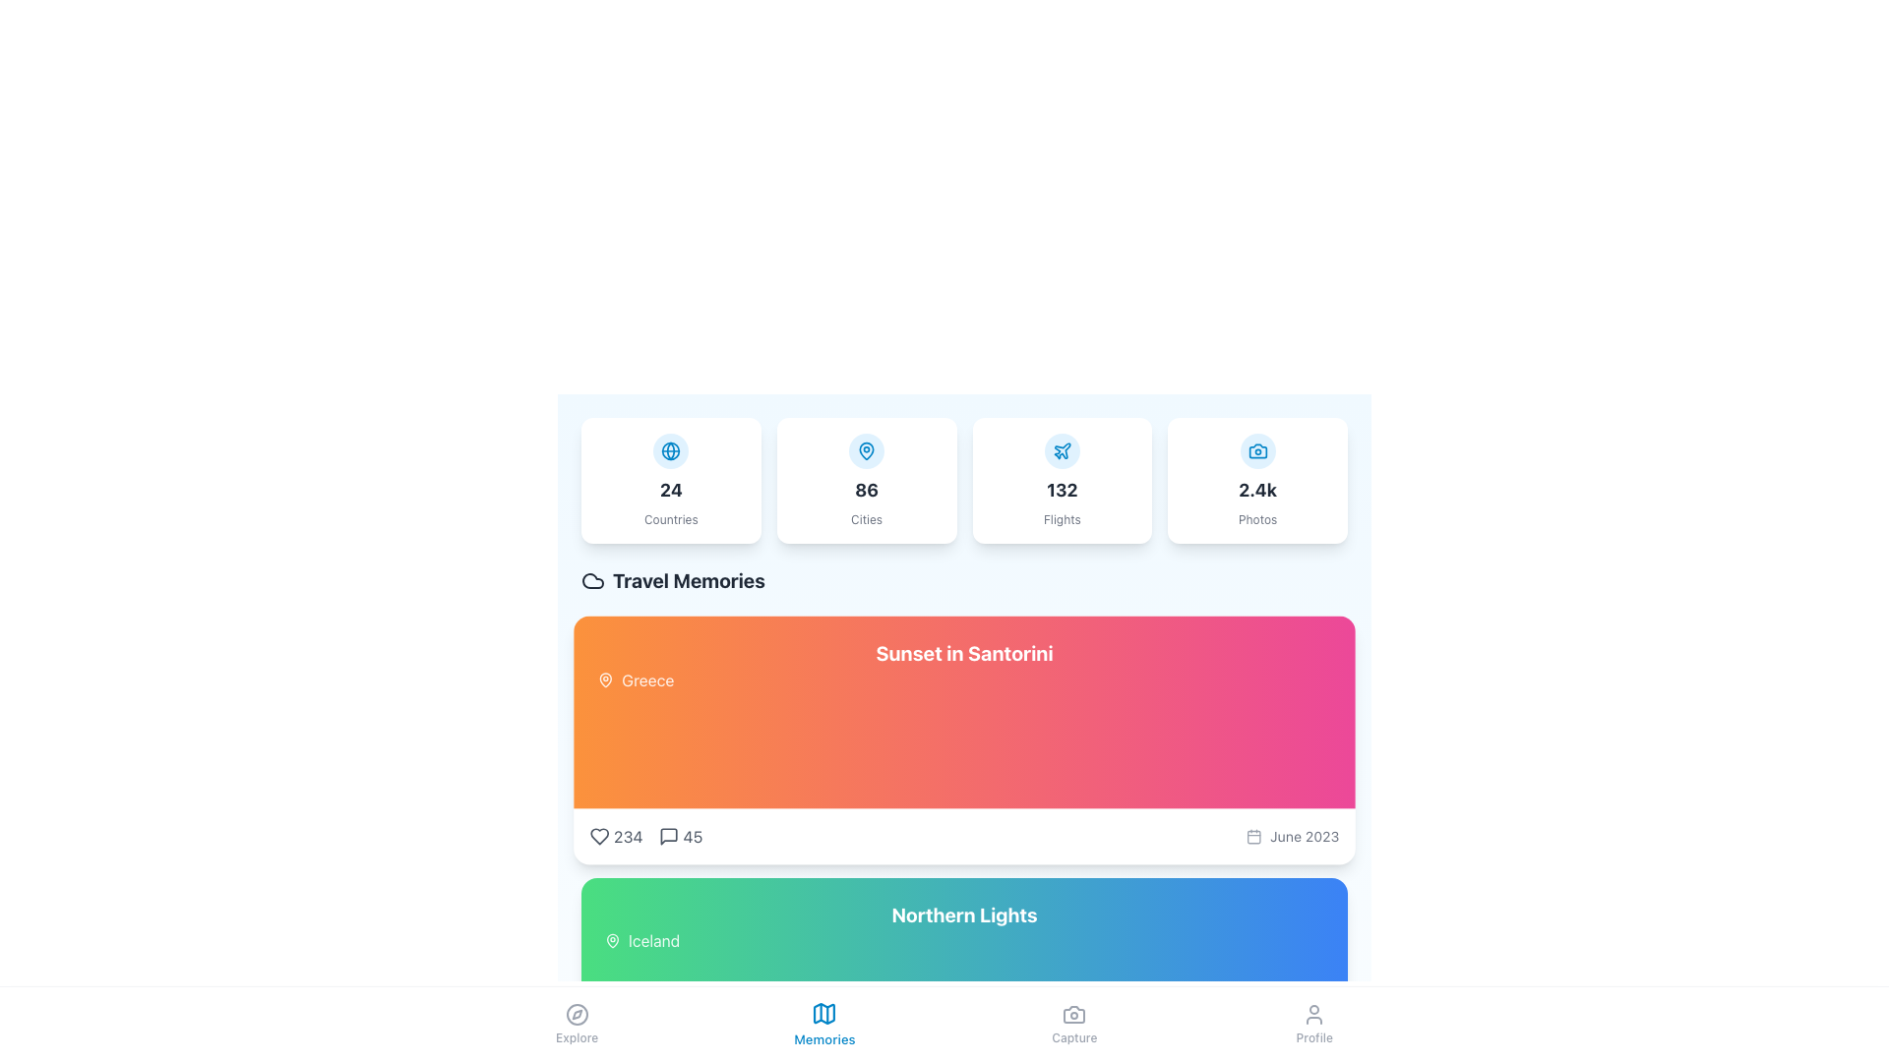  I want to click on numeric value represented by the Text label that denotes the quantity of 'Countries', specifically the number 24, located centrally within one of four horizontally-aligned card components, so click(671, 489).